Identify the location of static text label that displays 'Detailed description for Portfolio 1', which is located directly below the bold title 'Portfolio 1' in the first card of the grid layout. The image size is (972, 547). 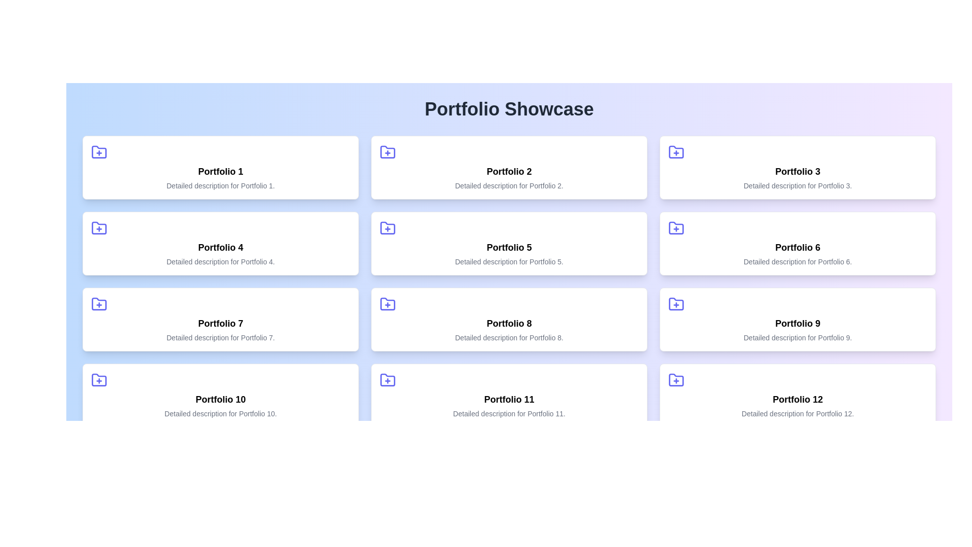
(220, 185).